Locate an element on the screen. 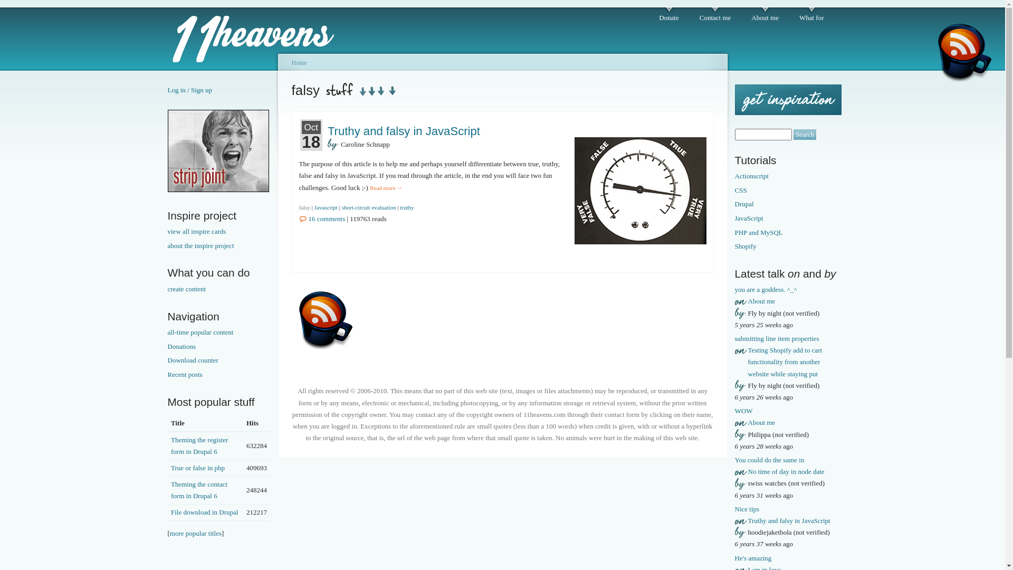 The width and height of the screenshot is (1013, 570). 'create content' is located at coordinates (218, 289).